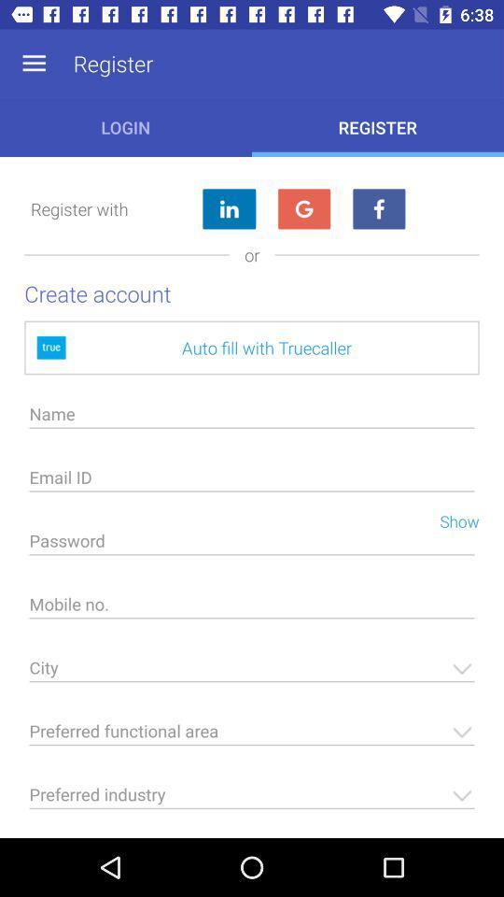 The image size is (504, 897). Describe the element at coordinates (252, 673) in the screenshot. I see `your city` at that location.